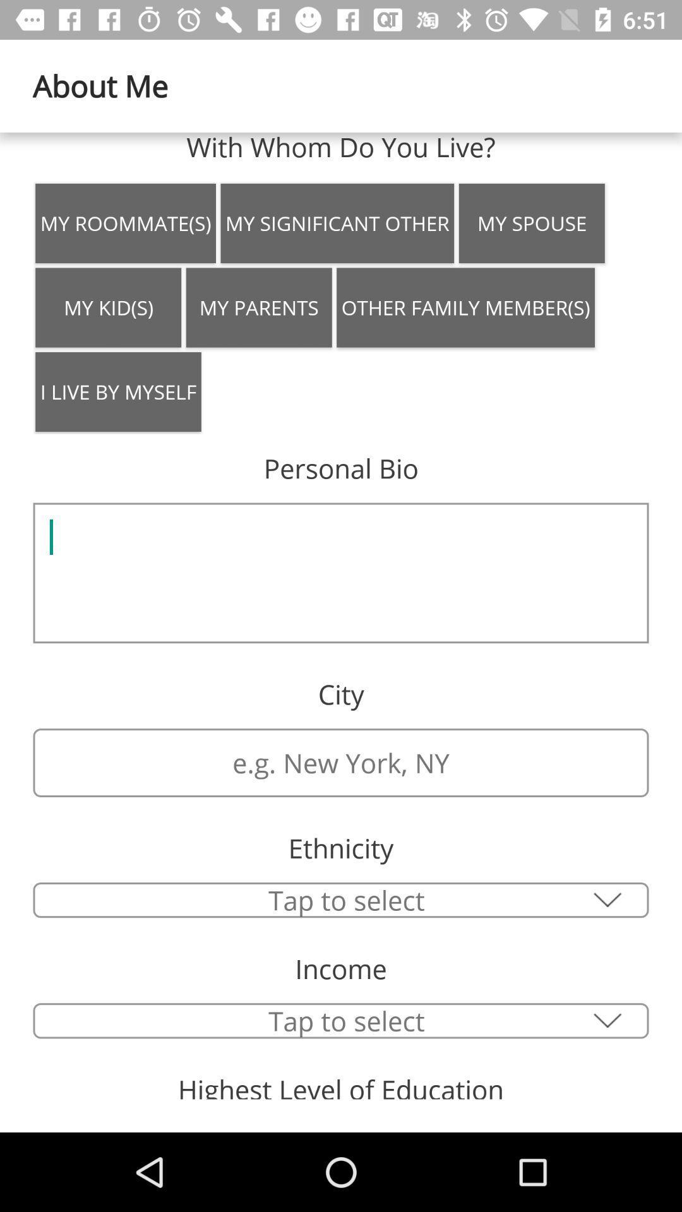 Image resolution: width=682 pixels, height=1212 pixels. Describe the element at coordinates (118, 391) in the screenshot. I see `icon above personal bio` at that location.